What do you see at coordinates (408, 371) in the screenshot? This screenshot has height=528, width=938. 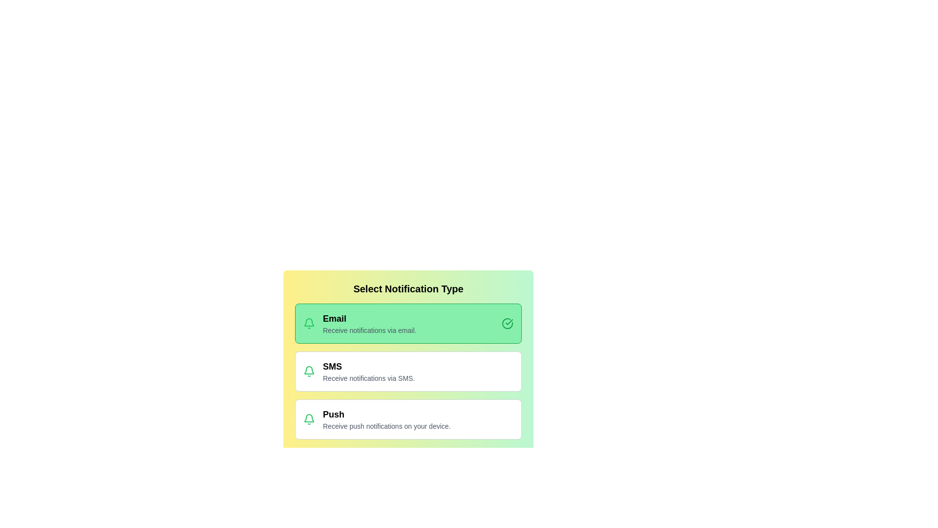 I see `the 'SMS' selectable option in the notification types list to highlight it` at bounding box center [408, 371].